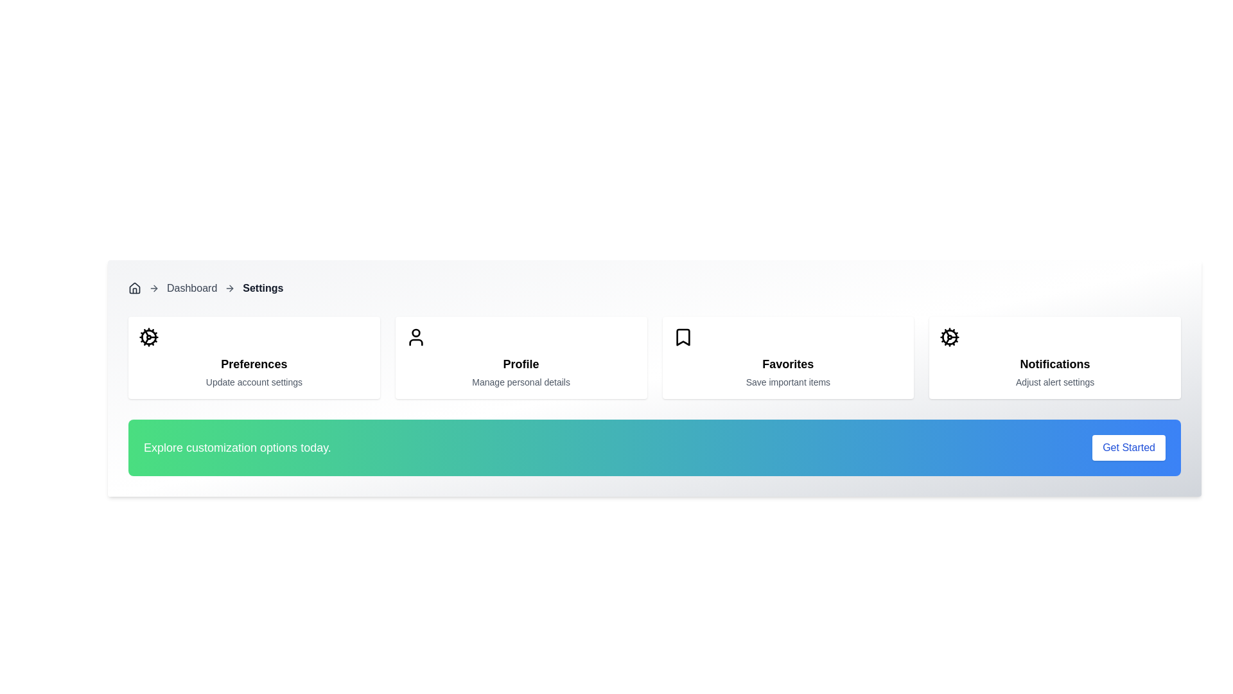 The height and width of the screenshot is (694, 1233). Describe the element at coordinates (254, 381) in the screenshot. I see `the static text label reading 'Update account settings' which is styled with a small gray font and located below the 'Preferences' text in the 'Preferences' card` at that location.